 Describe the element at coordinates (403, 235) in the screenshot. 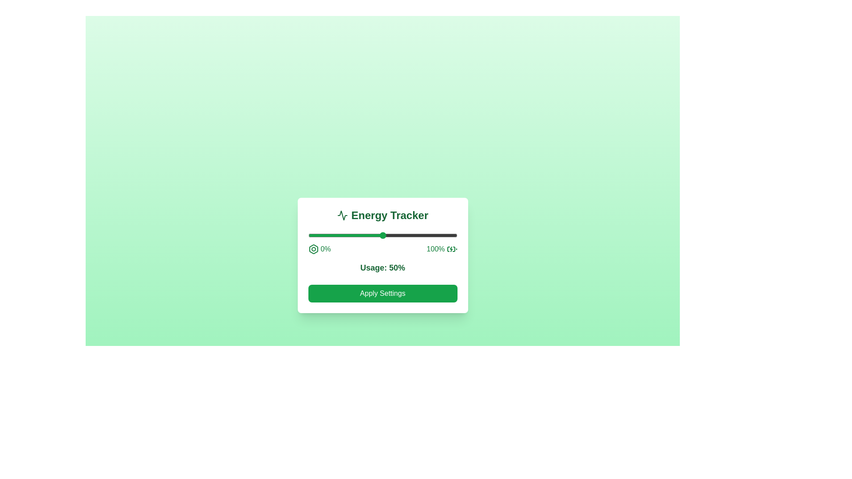

I see `the energy usage slider to 64%` at that location.